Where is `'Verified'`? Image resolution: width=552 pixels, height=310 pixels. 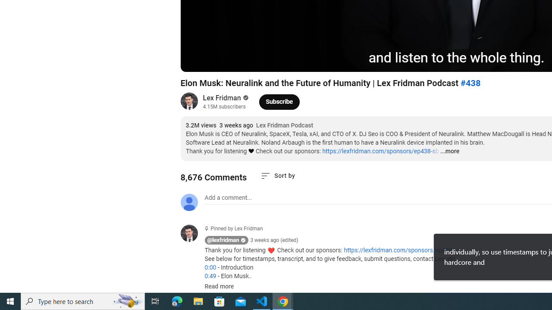 'Verified' is located at coordinates (244, 97).